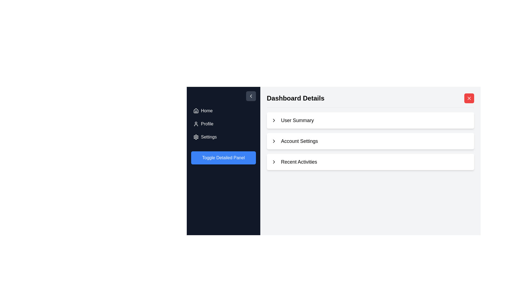  What do you see at coordinates (196, 137) in the screenshot?
I see `the cogwheel icon in the left sidebar, which is positioned below the 'Profile' icon and above the 'Toggle Detailed Panel' button` at bounding box center [196, 137].